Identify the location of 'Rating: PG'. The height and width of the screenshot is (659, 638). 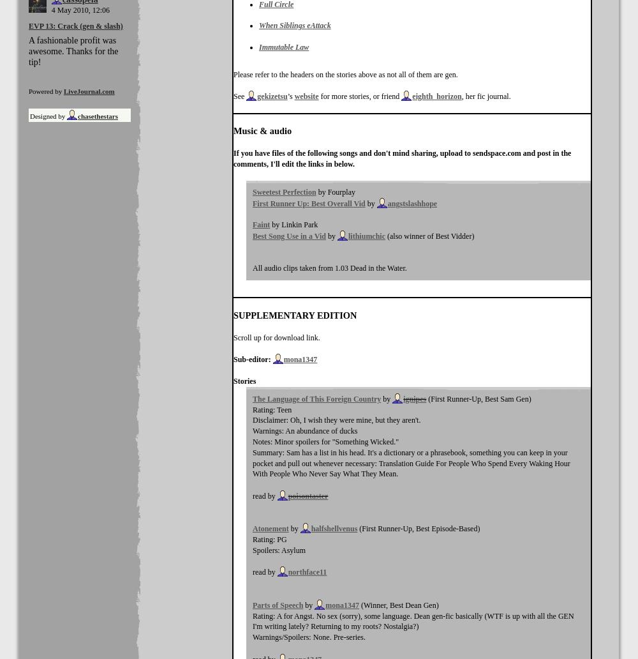
(269, 540).